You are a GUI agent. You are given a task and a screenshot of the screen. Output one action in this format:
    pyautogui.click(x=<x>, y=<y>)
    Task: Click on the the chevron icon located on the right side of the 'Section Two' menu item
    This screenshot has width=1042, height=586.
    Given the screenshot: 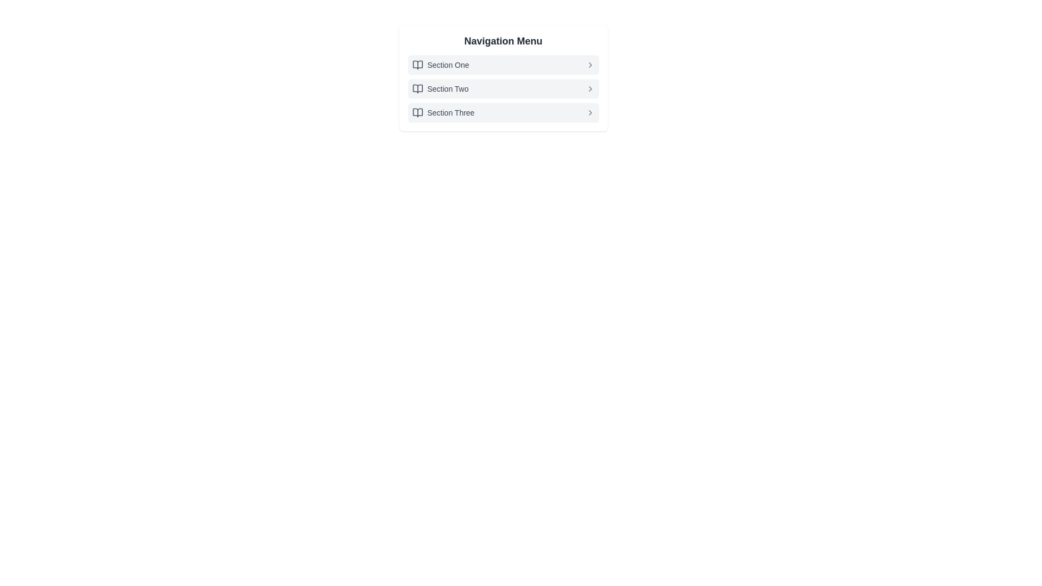 What is the action you would take?
    pyautogui.click(x=589, y=88)
    